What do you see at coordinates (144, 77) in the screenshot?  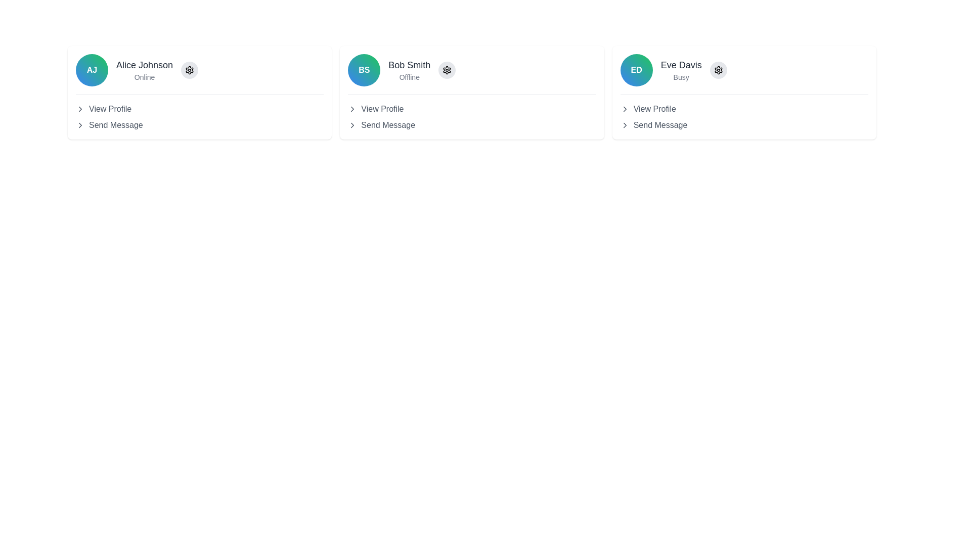 I see `the status indicator text label that shows 'Alice Johnson' is currently online, which is positioned directly below the name 'Alice Johnson'` at bounding box center [144, 77].